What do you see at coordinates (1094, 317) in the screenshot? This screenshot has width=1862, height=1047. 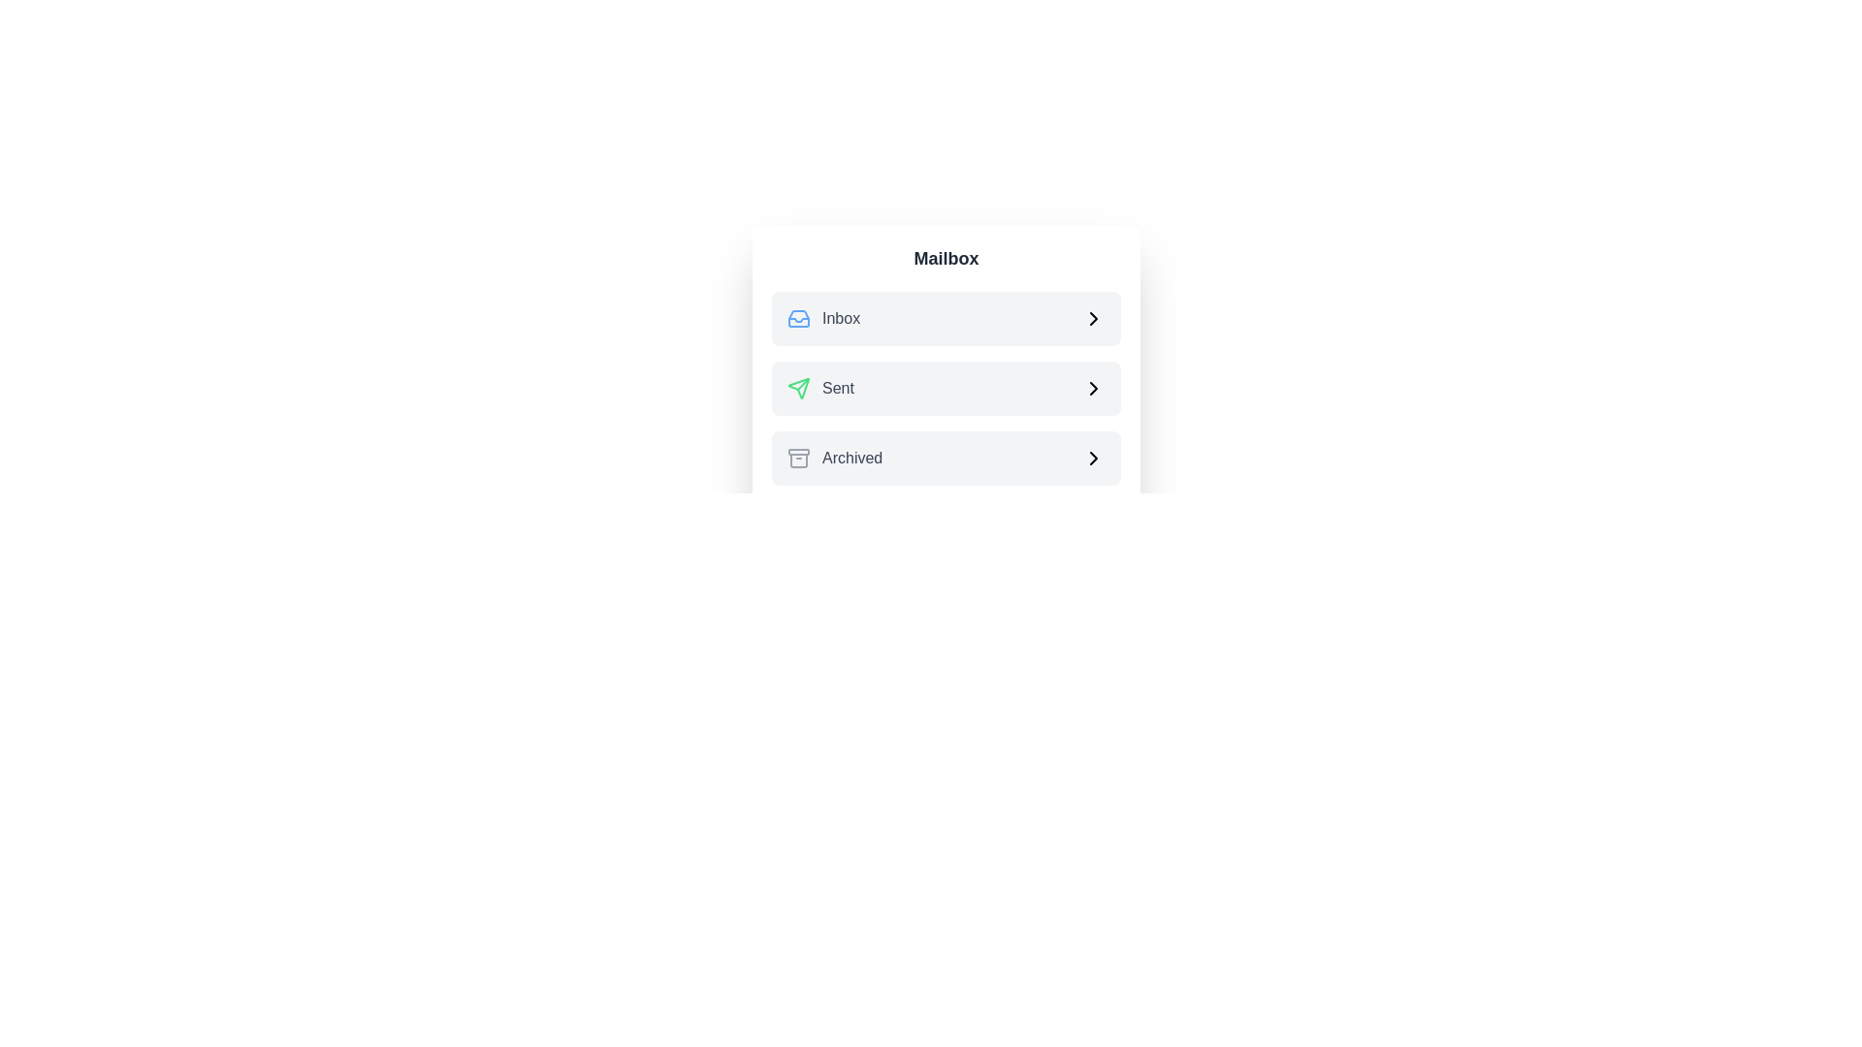 I see `the navigation arrow located to the far right of the 'Inbox' option in the vertical menu list titled 'Mailbox'` at bounding box center [1094, 317].